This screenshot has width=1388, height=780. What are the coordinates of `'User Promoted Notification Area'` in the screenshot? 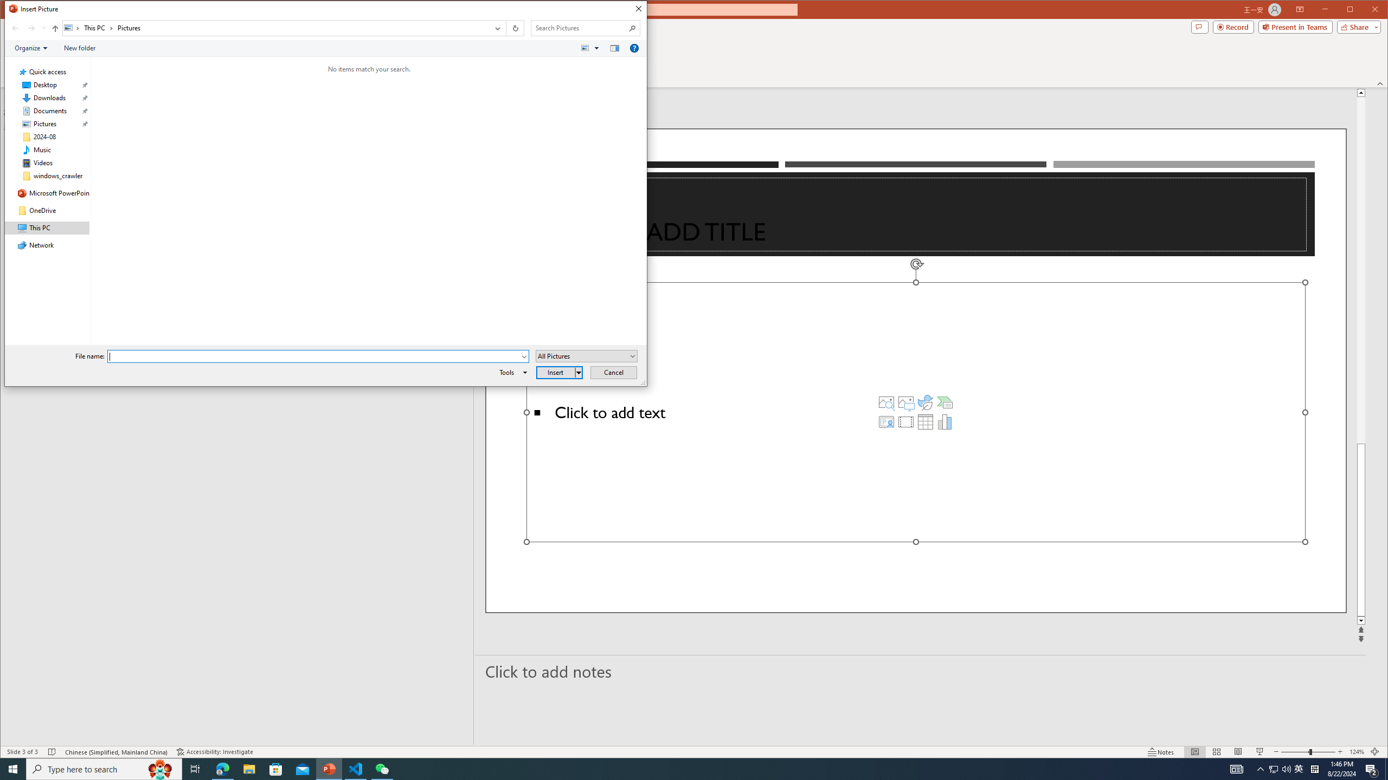 It's located at (1280, 768).